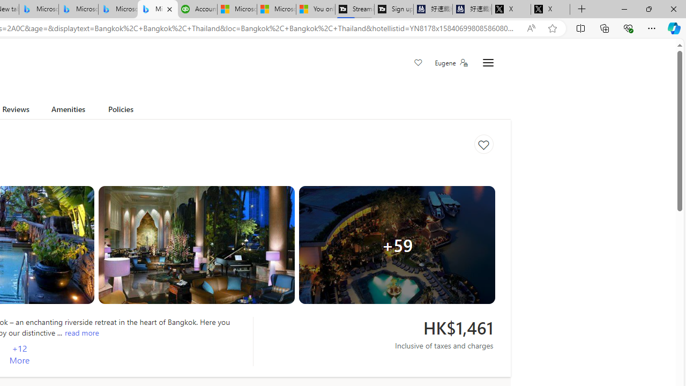 This screenshot has height=386, width=686. What do you see at coordinates (397, 244) in the screenshot?
I see `'Hotel room image + 59'` at bounding box center [397, 244].